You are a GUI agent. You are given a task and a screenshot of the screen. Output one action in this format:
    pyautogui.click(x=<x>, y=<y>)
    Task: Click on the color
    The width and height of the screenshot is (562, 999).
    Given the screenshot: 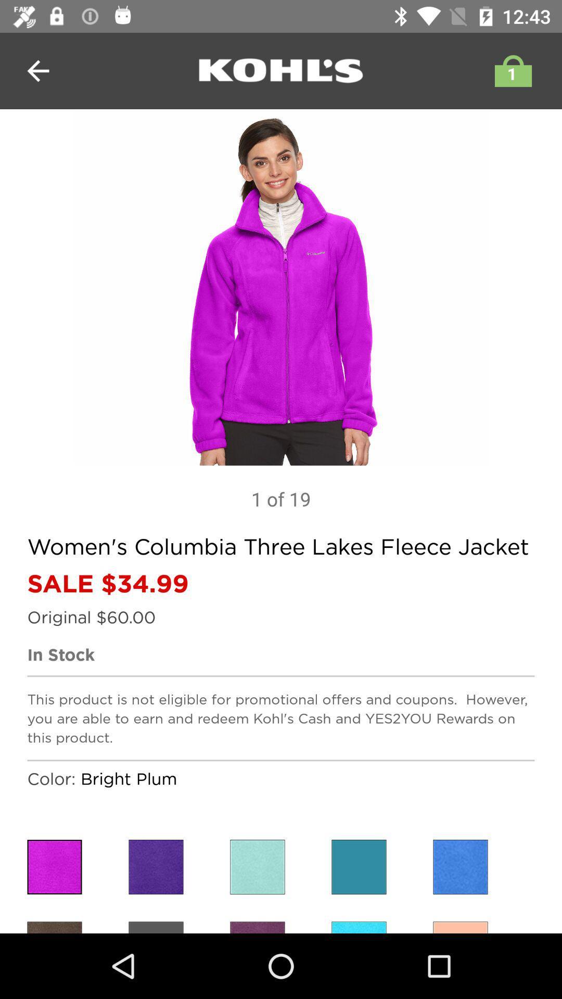 What is the action you would take?
    pyautogui.click(x=257, y=867)
    